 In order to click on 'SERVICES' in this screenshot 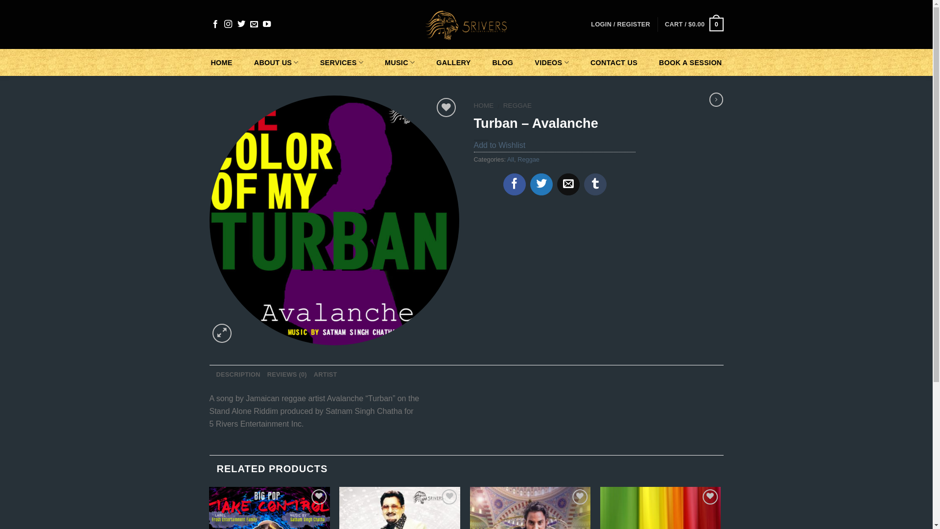, I will do `click(341, 62)`.